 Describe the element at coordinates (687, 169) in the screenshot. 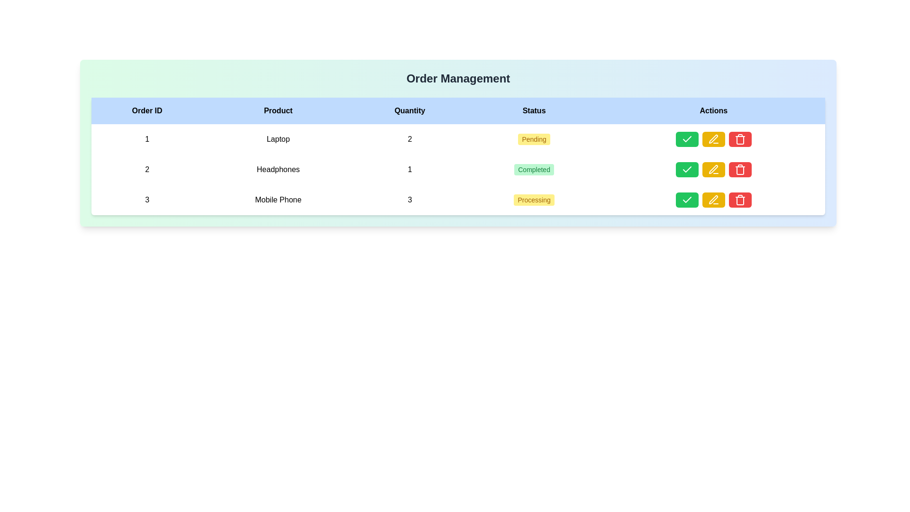

I see `the icon in the 'Actions' column of the second row corresponding to the product 'Headphones' to confirm the associated action or status` at that location.